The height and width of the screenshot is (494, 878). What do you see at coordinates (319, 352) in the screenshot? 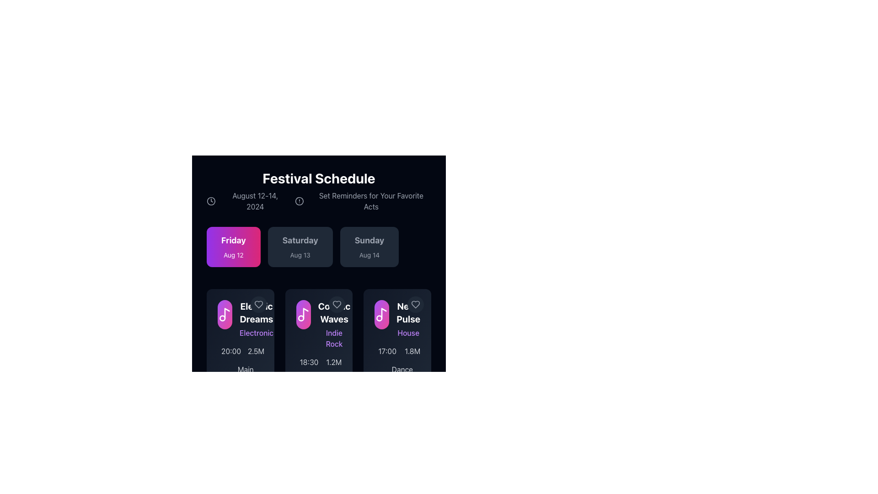
I see `the 'Cosmic Waves' card, which is the second card in a row of three, featuring a gradient background, white title, purple subtitle, and timing details` at bounding box center [319, 352].